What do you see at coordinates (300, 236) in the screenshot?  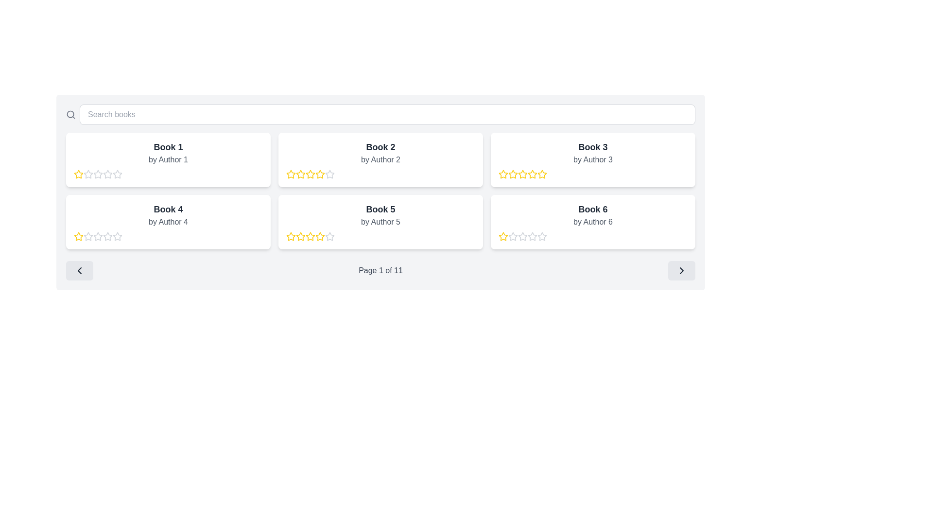 I see `the third yellow star icon in the rating system under the 'Book 5' card` at bounding box center [300, 236].